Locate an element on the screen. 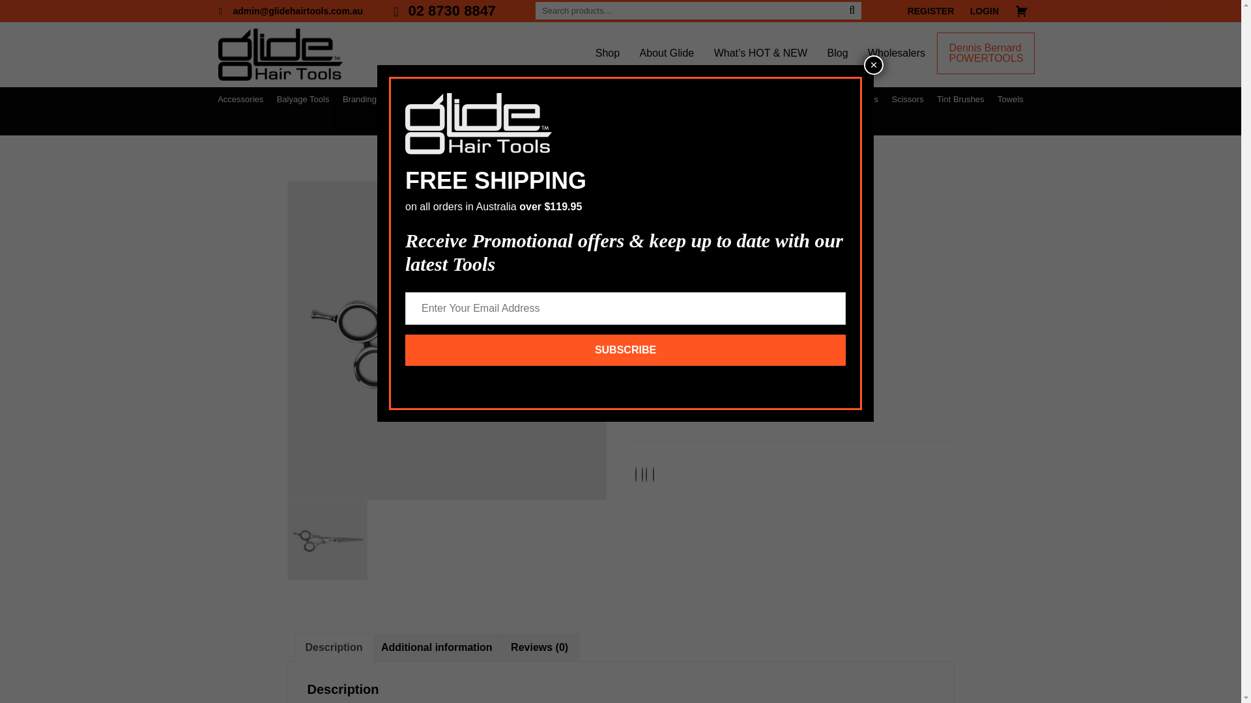  'Towels' is located at coordinates (991, 98).